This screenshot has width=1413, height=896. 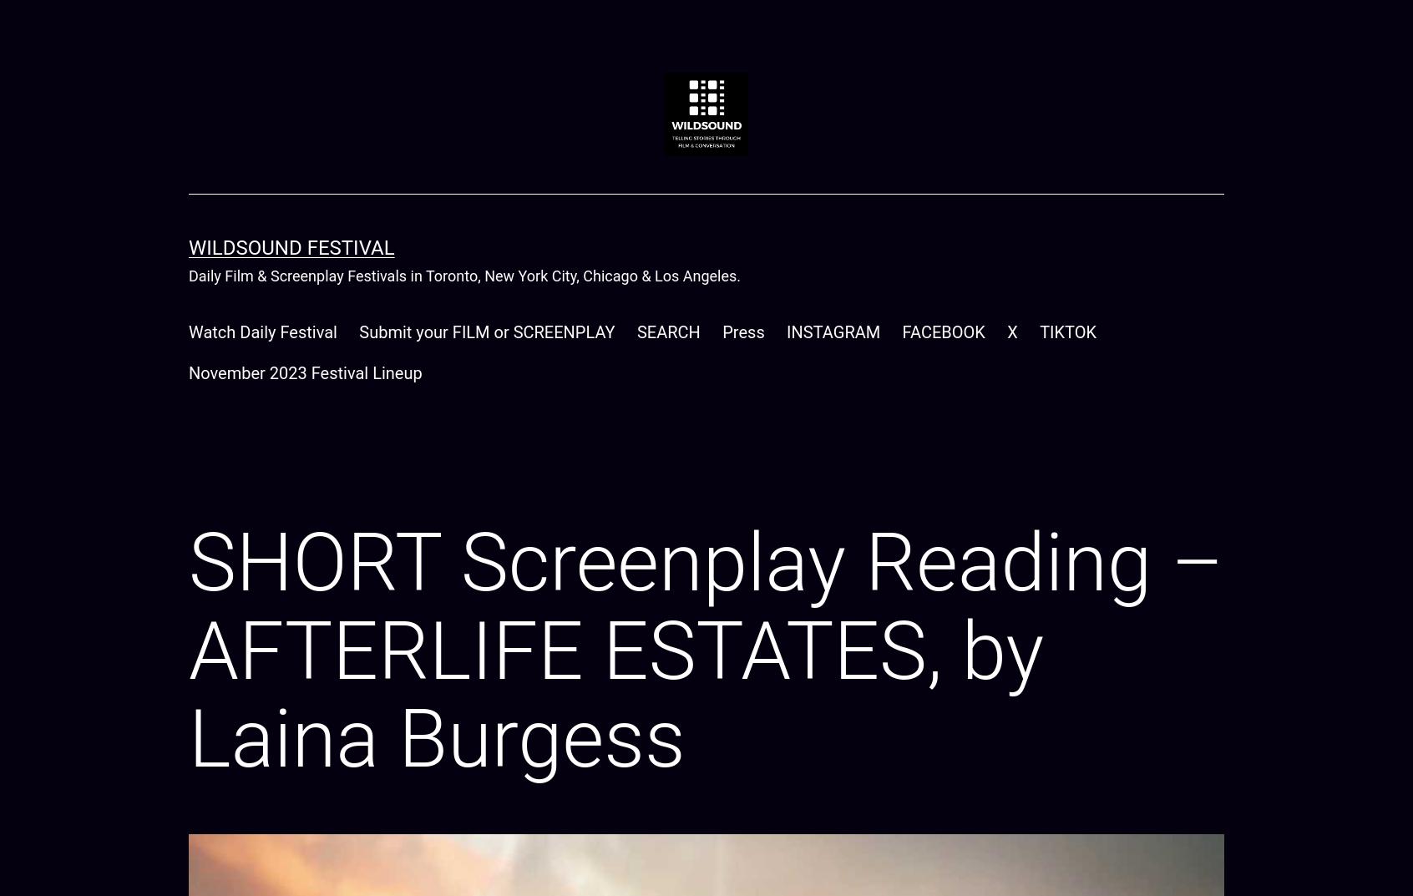 What do you see at coordinates (902, 331) in the screenshot?
I see `'FACEBOOK'` at bounding box center [902, 331].